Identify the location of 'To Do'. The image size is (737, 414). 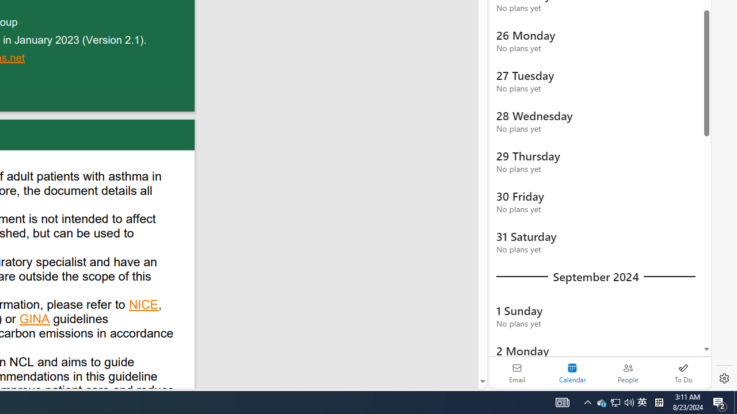
(683, 373).